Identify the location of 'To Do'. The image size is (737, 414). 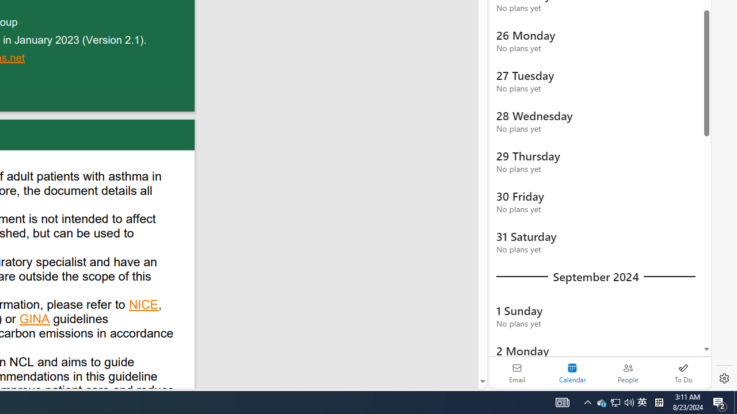
(683, 373).